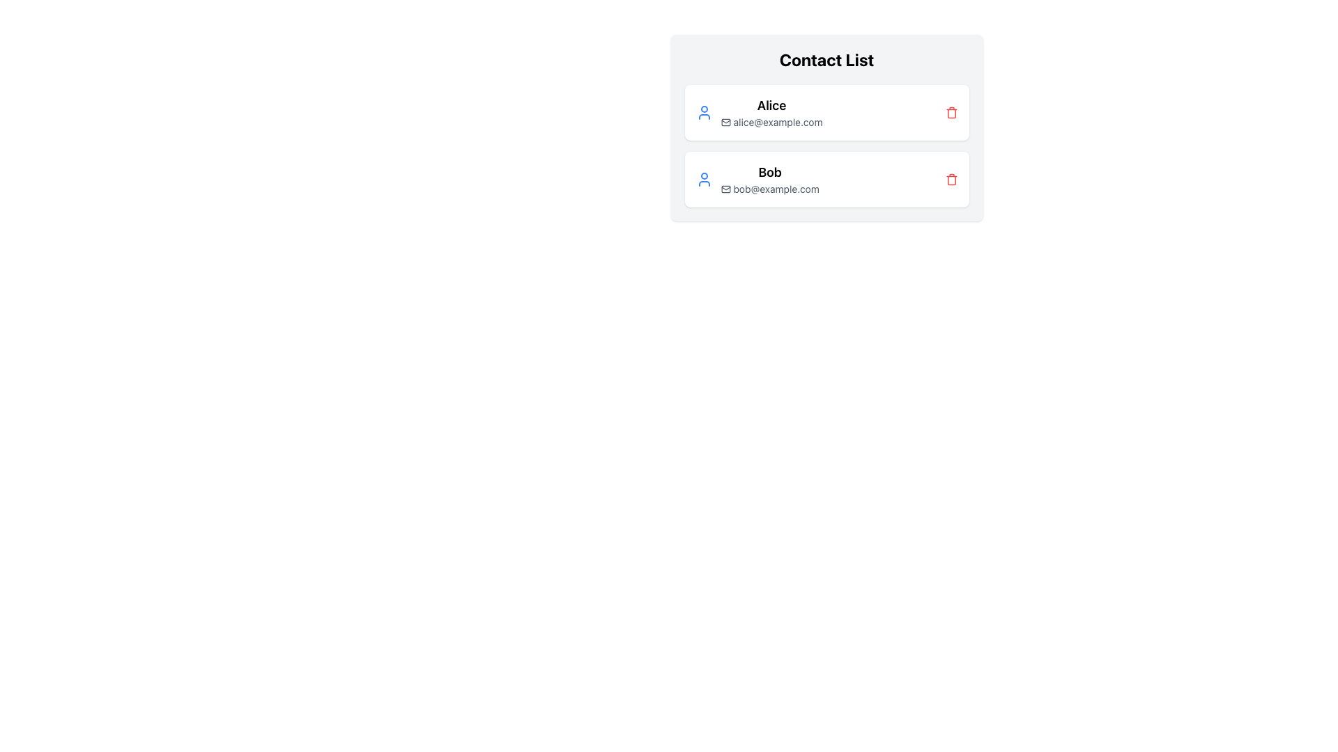  Describe the element at coordinates (756, 179) in the screenshot. I see `the second contact information card entry for 'Bob', which features a blue user icon and displays the name 'Bob' in bold along with the email 'bob@example.com'` at that location.